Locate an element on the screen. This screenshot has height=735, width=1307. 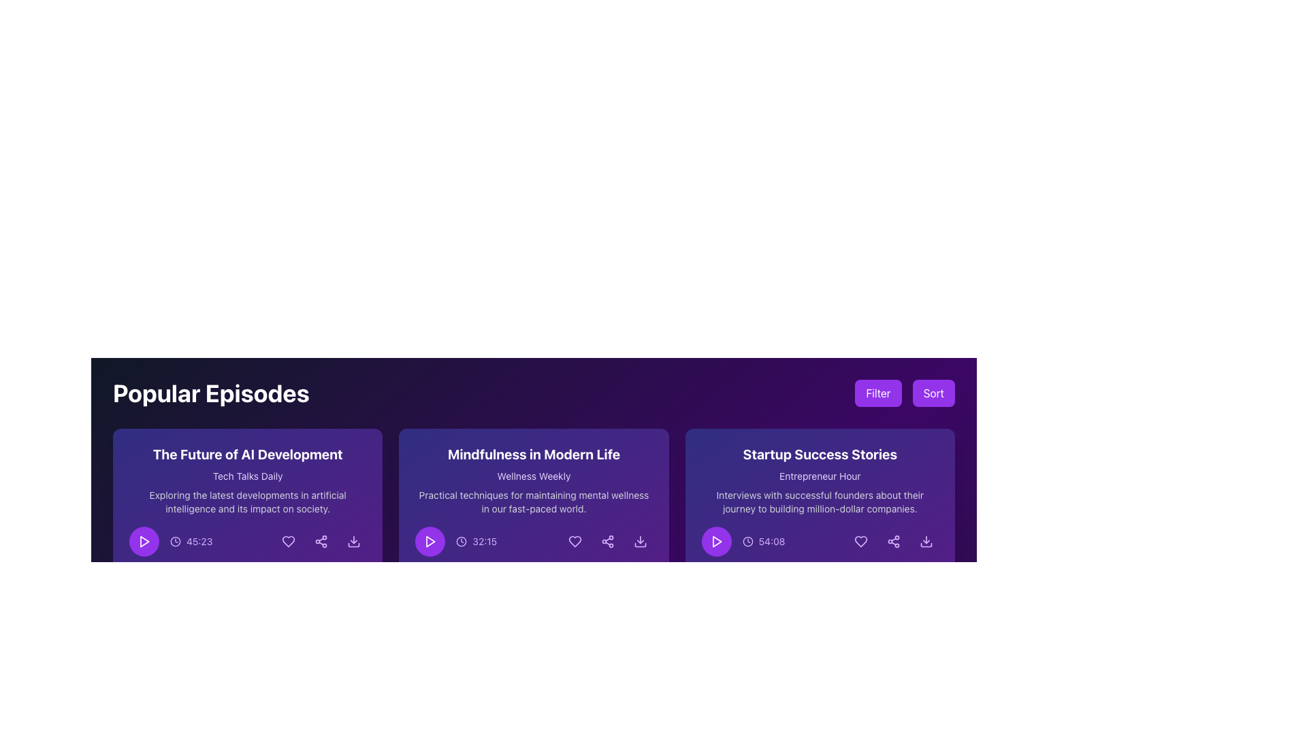
the Label/Text with Icon that displays '45:23' and features a clock icon, located in the bottom left of the first card under the 'Popular Episodes' section is located at coordinates (170, 540).